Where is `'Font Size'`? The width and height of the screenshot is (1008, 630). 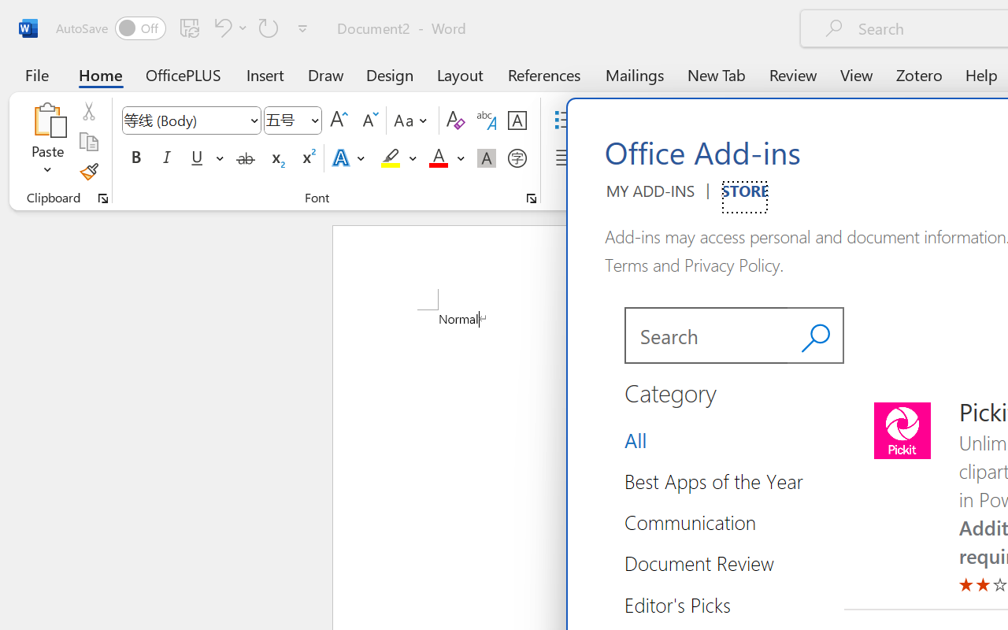 'Font Size' is located at coordinates (293, 120).